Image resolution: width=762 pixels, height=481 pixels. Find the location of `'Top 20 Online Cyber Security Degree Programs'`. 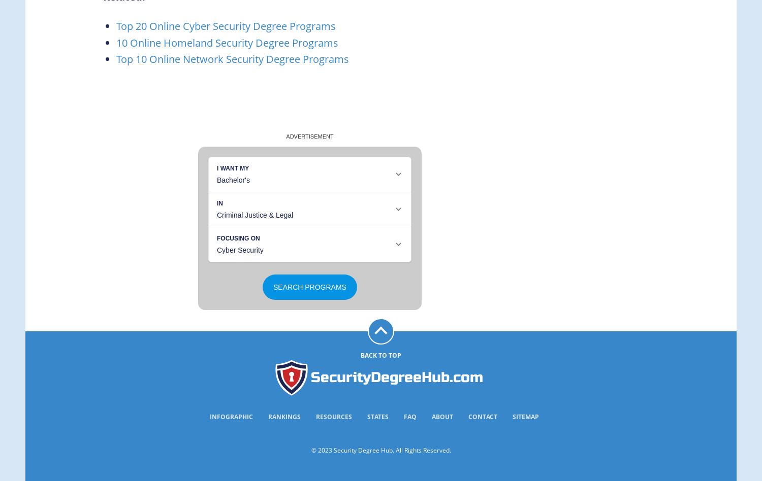

'Top 20 Online Cyber Security Degree Programs' is located at coordinates (116, 26).